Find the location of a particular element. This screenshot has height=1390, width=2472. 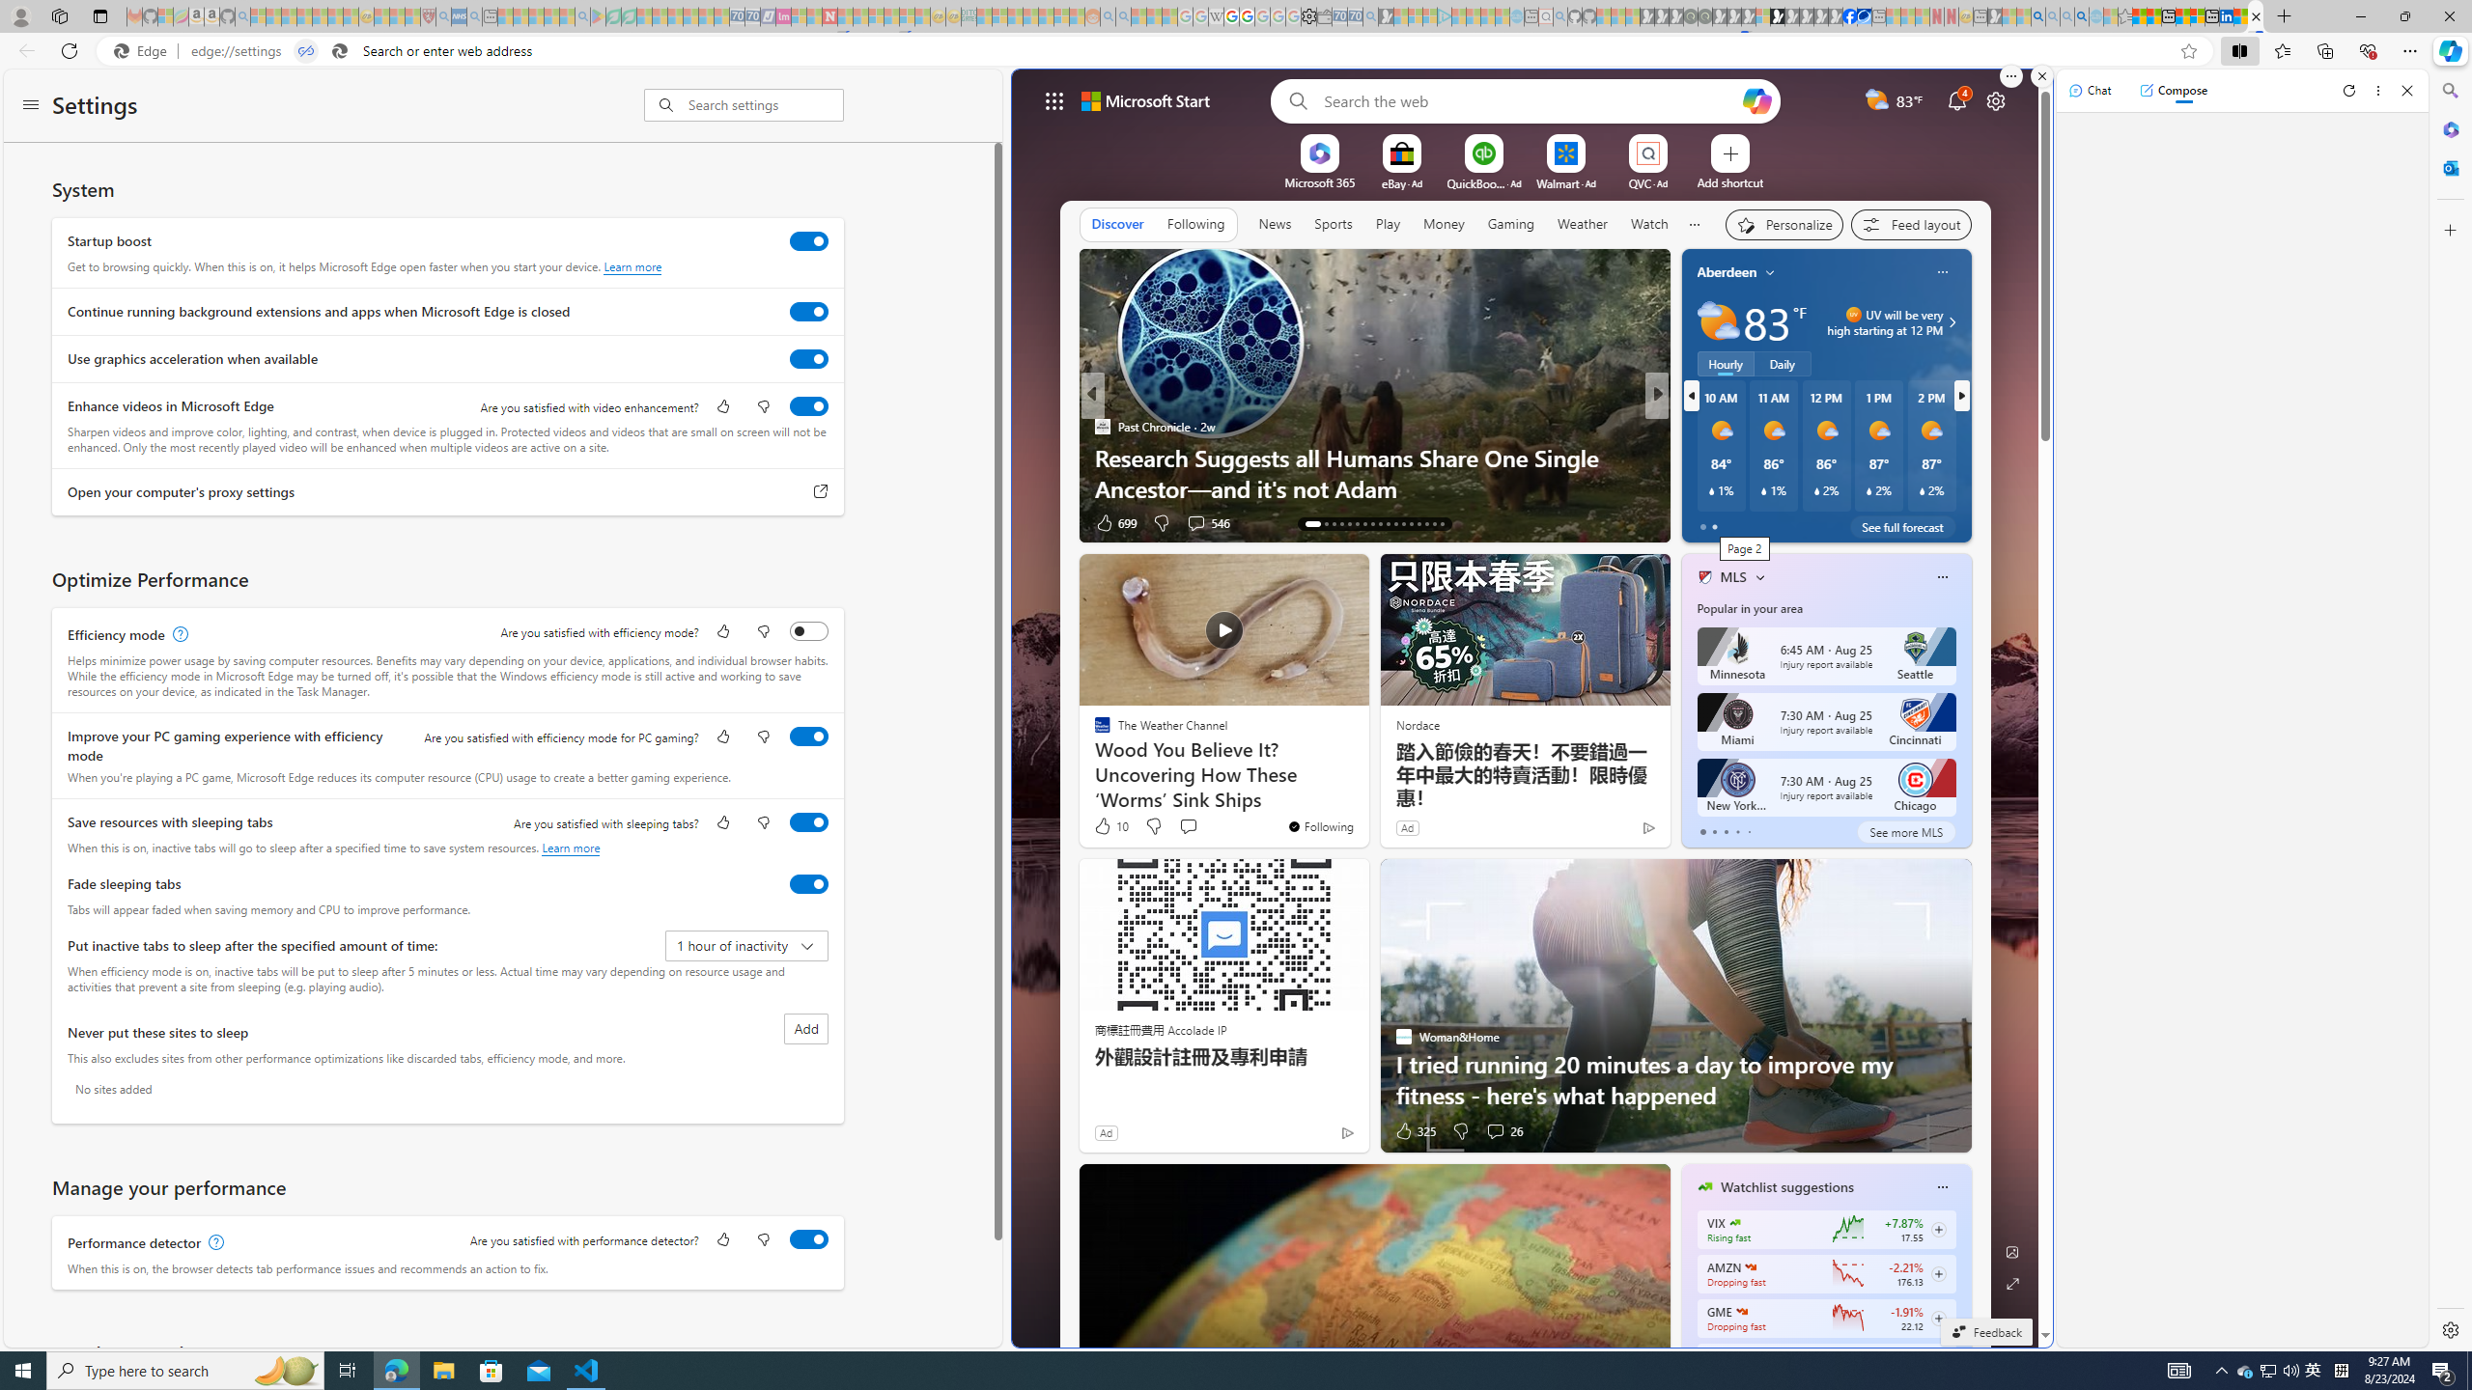

'tab-3' is located at coordinates (1735, 831).